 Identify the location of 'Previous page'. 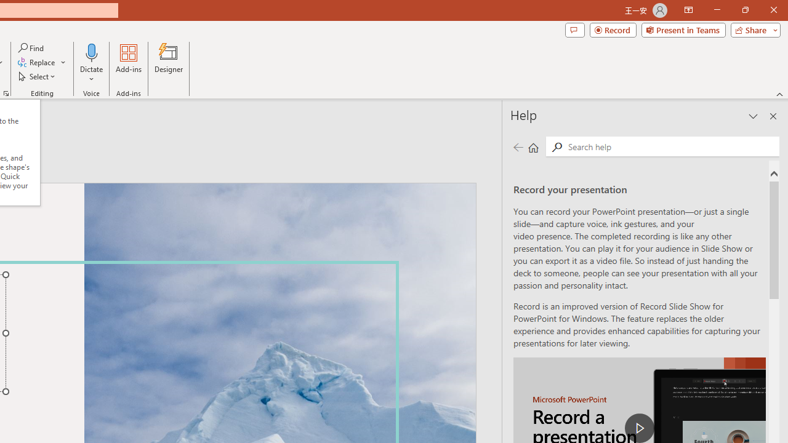
(518, 146).